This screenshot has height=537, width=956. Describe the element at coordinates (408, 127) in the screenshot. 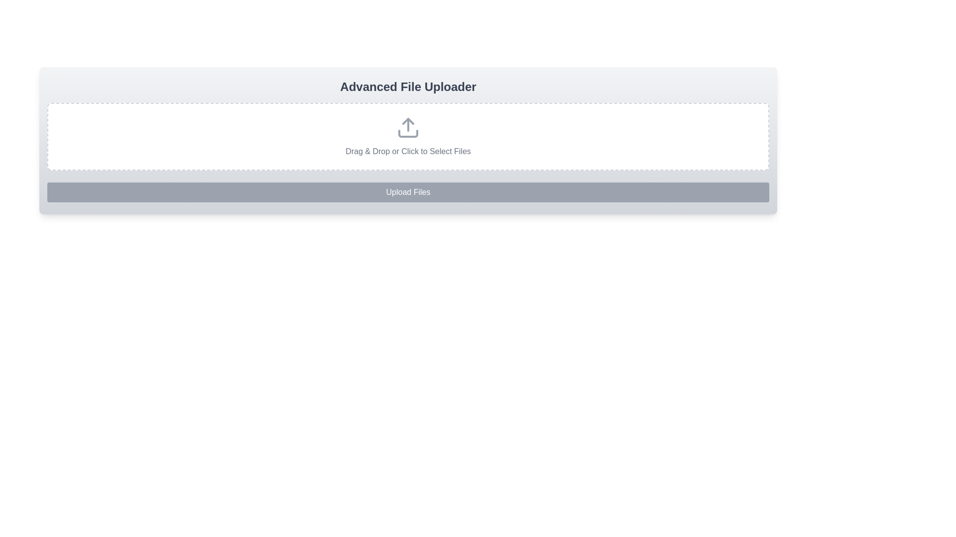

I see `the gray upward arrow icon in the file upload section to understand its functionality for uploading files` at that location.